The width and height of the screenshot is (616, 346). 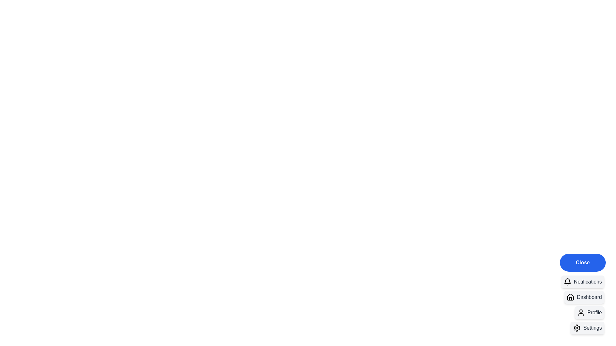 I want to click on the 'Notifications' button, so click(x=582, y=281).